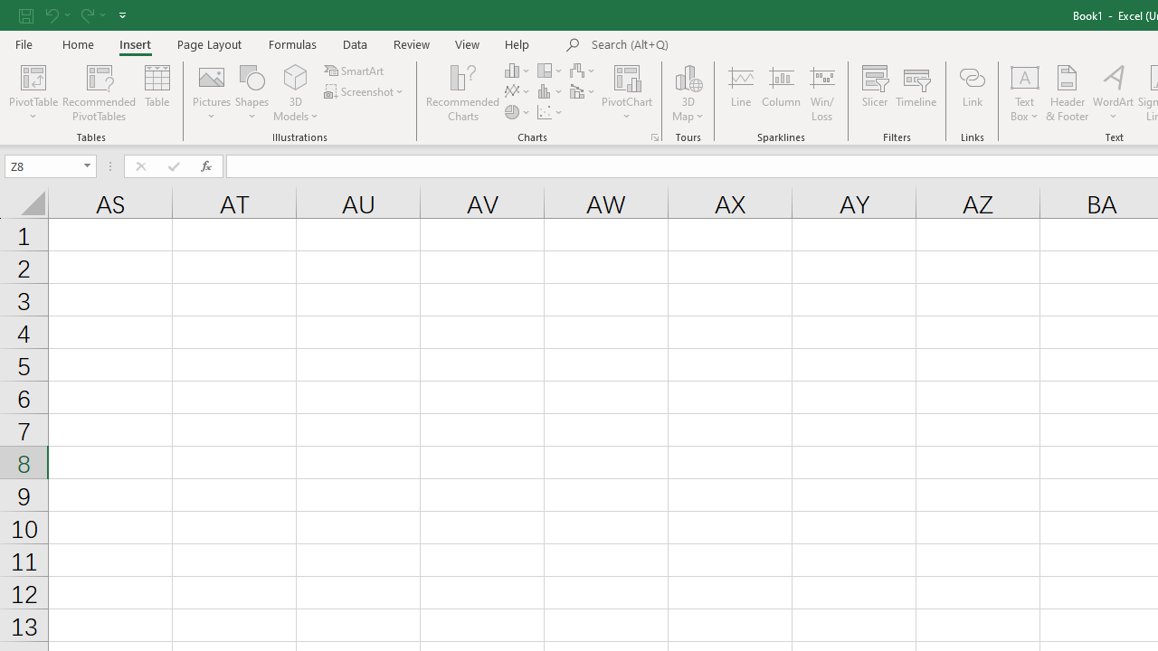 The width and height of the screenshot is (1158, 651). I want to click on 'Line', so click(740, 93).